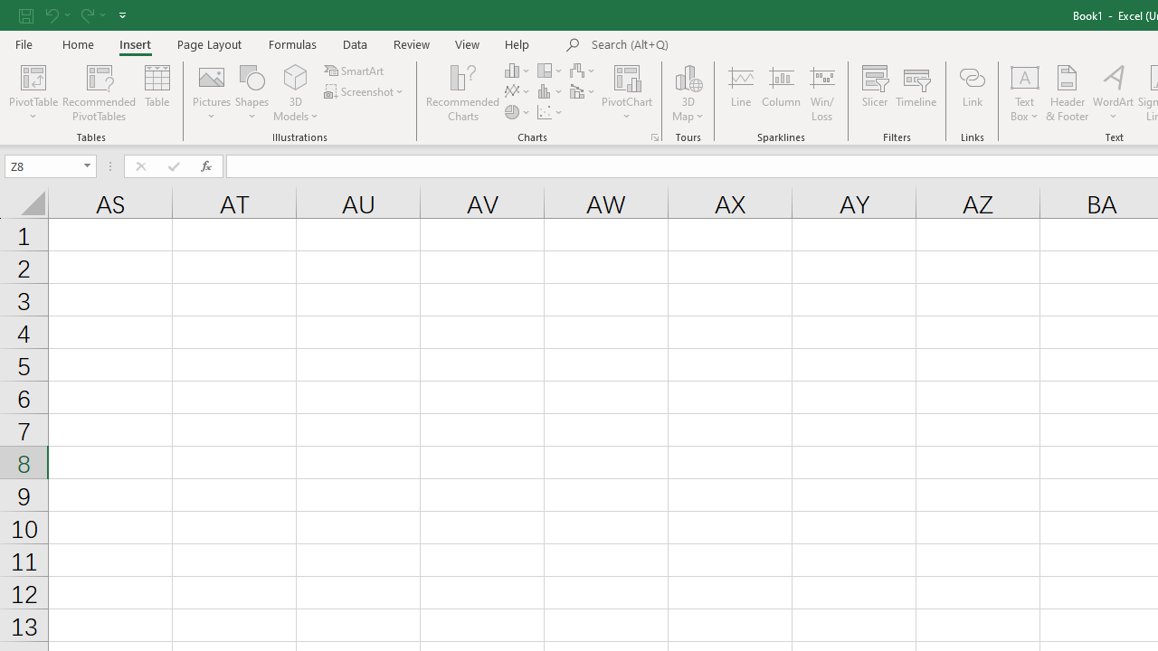 The width and height of the screenshot is (1158, 651). I want to click on 'Line', so click(740, 93).